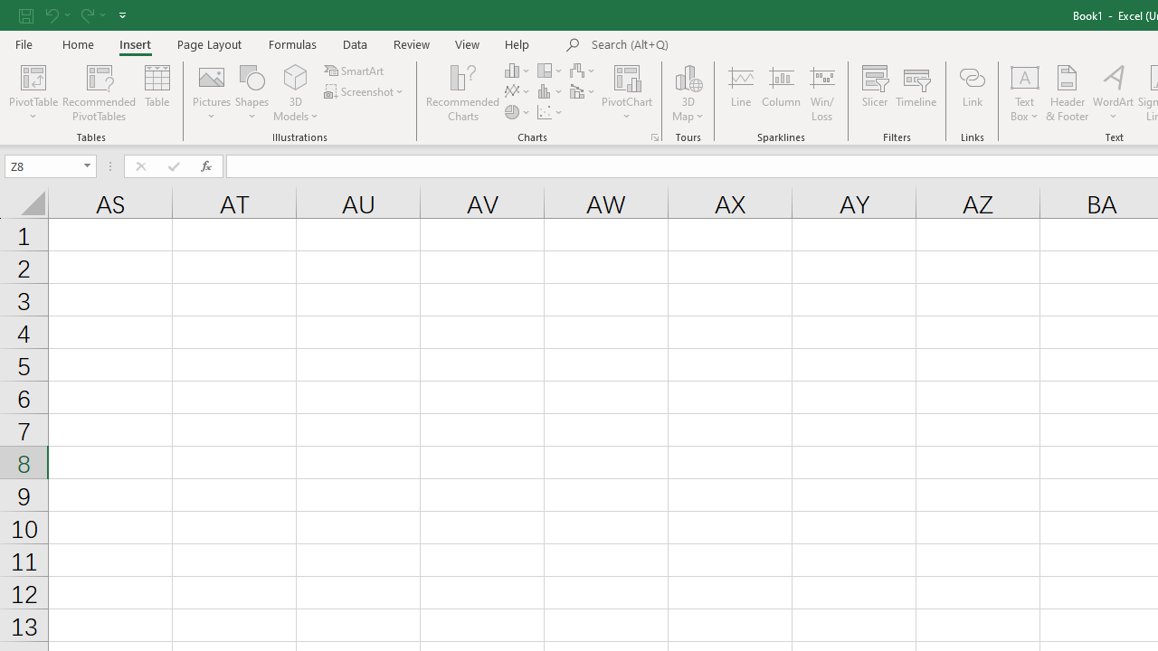 The width and height of the screenshot is (1158, 651). I want to click on 'Line', so click(740, 93).